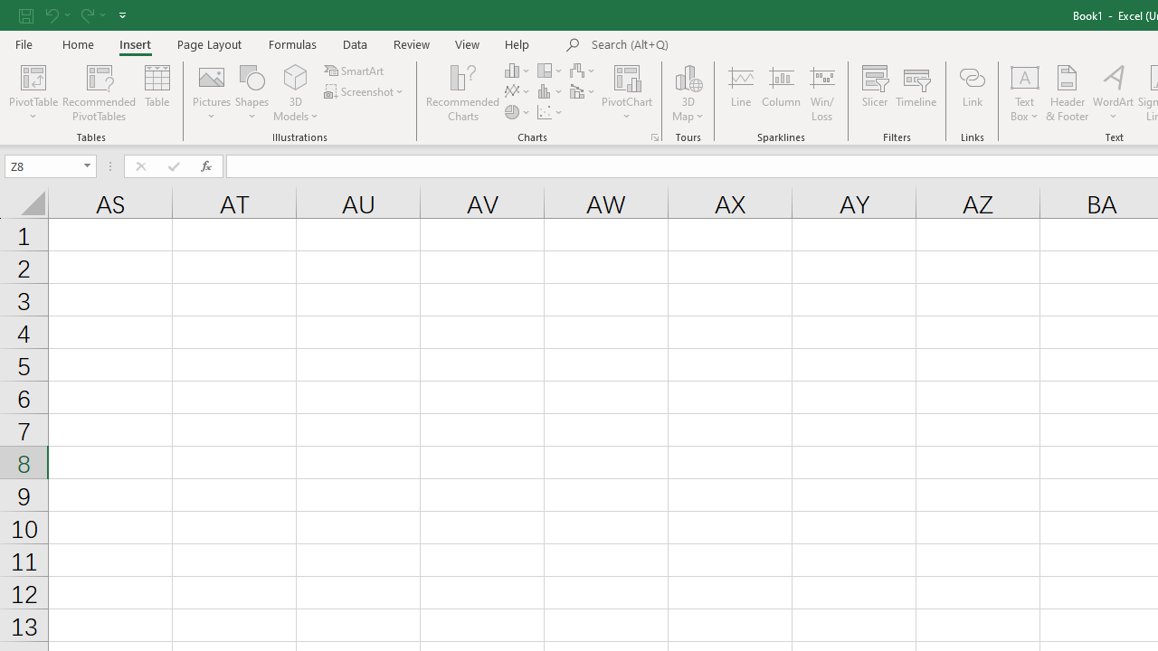 The width and height of the screenshot is (1158, 651). I want to click on 'Line', so click(740, 93).